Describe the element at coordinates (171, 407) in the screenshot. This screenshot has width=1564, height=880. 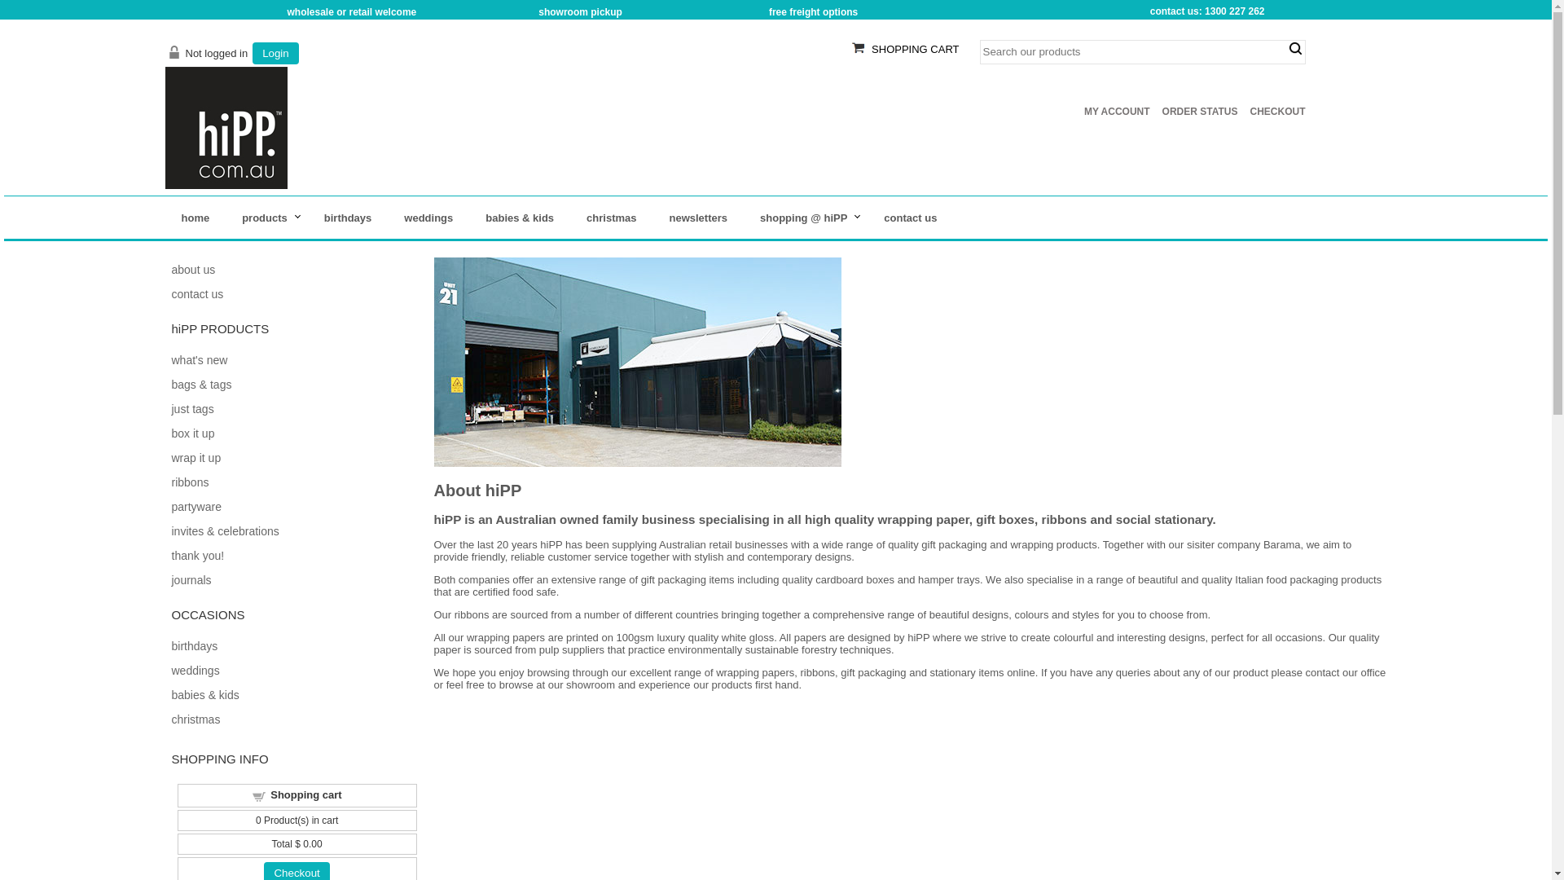
I see `'just tags'` at that location.